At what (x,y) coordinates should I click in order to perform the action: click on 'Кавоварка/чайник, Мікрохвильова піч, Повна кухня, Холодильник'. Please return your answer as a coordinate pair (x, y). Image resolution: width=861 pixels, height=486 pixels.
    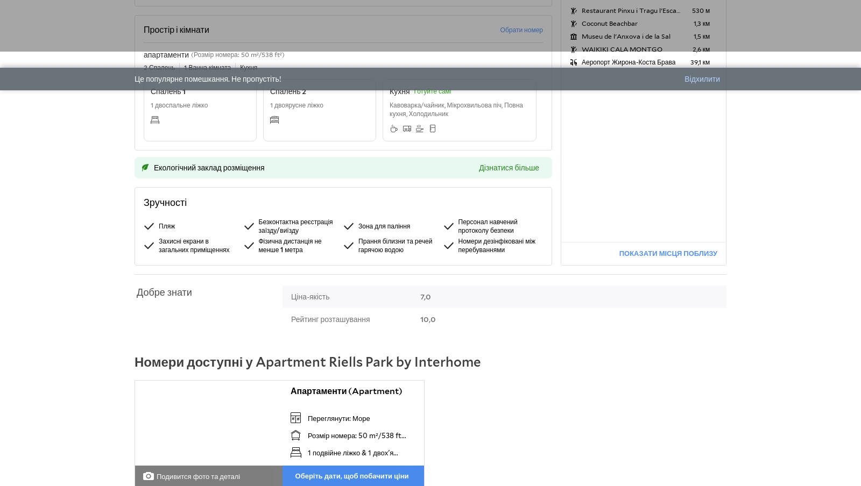
    Looking at the image, I should click on (456, 109).